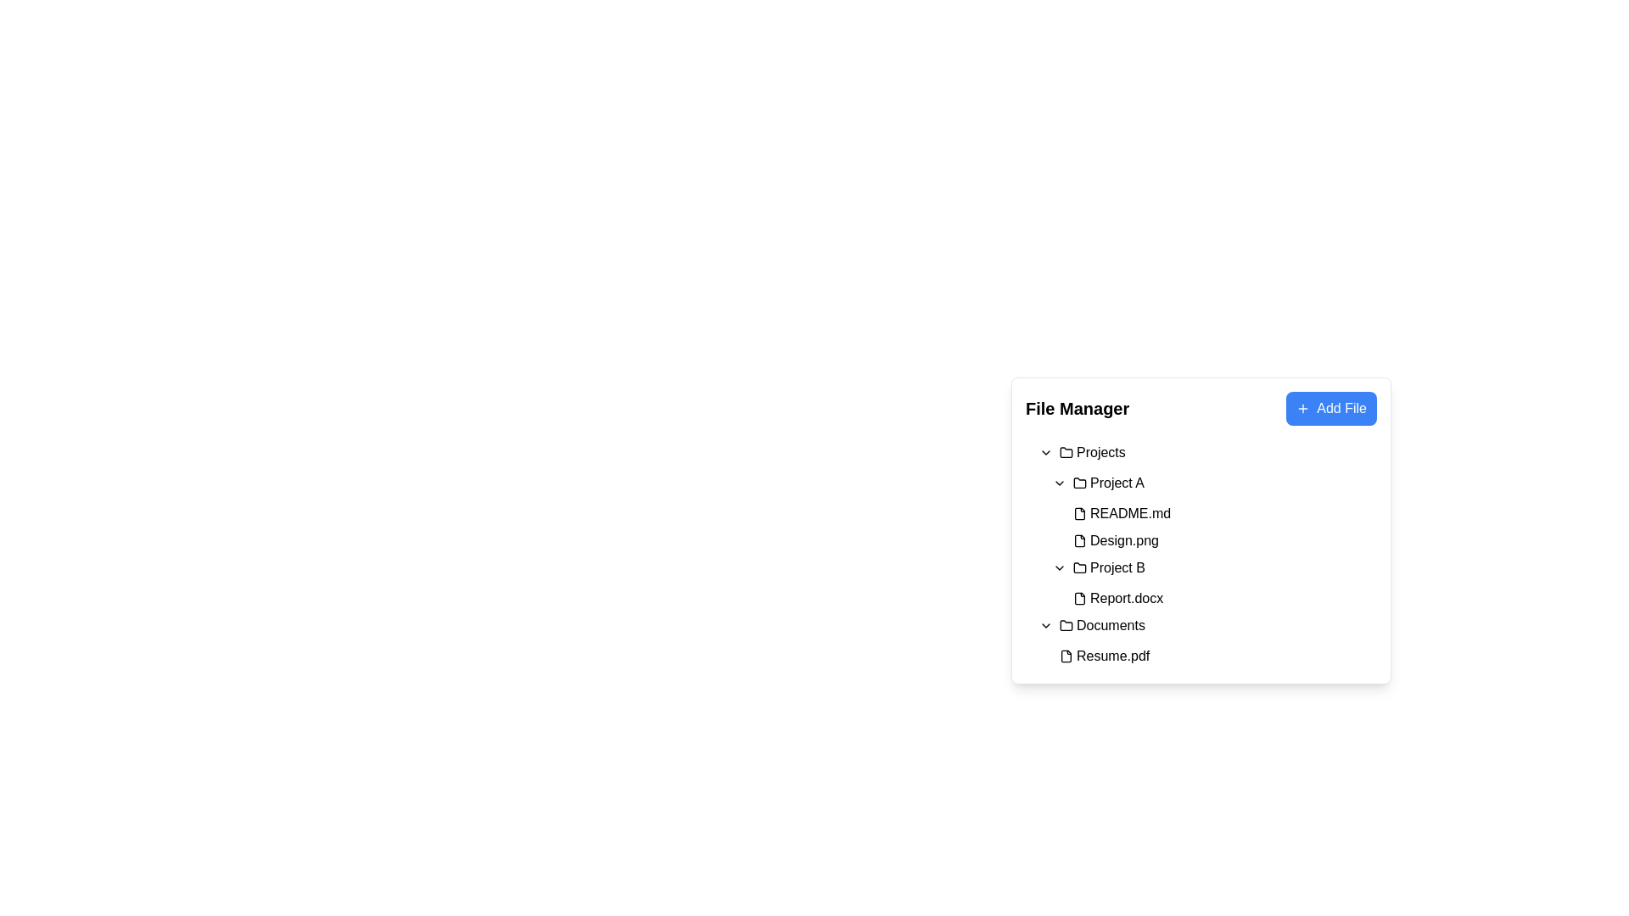 This screenshot has width=1629, height=916. I want to click on the 'Project B' directory representation, so click(1109, 568).